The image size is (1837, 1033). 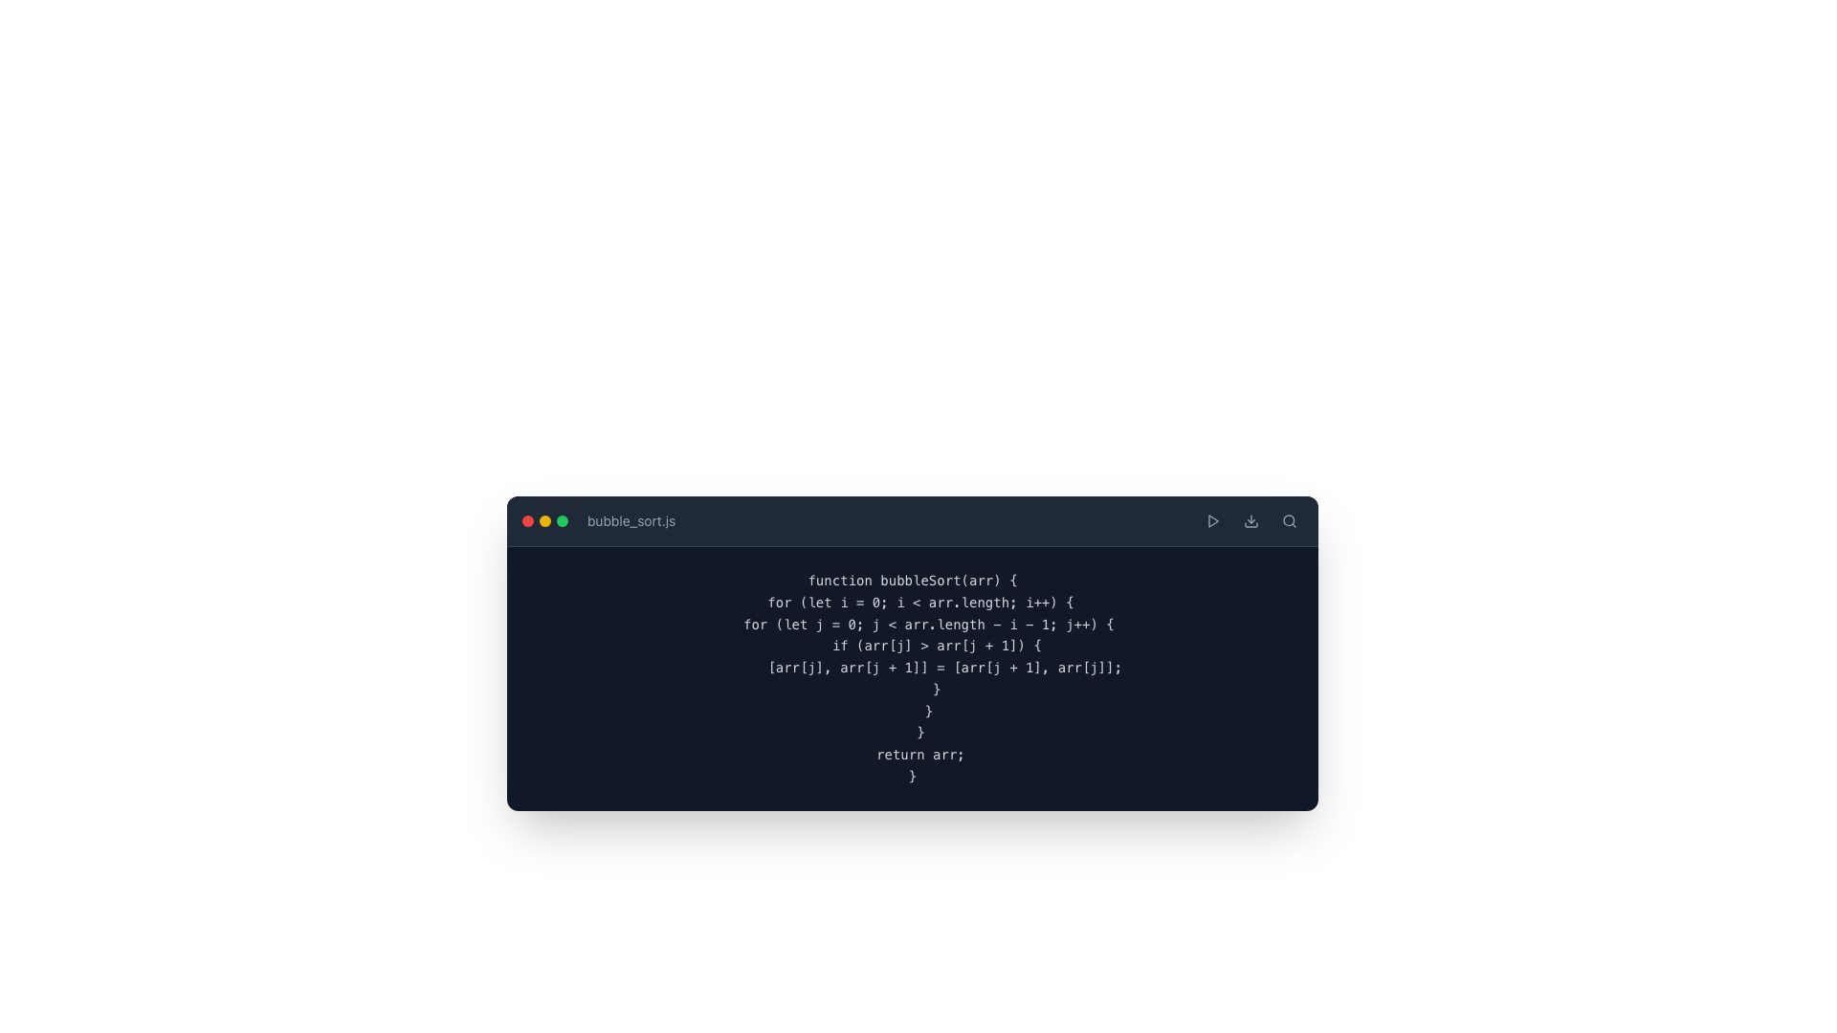 I want to click on the static text block displaying the JavaScript function implementation 'bubbleSort', located within a code editor window titled 'bubble_sort.js', so click(x=912, y=677).